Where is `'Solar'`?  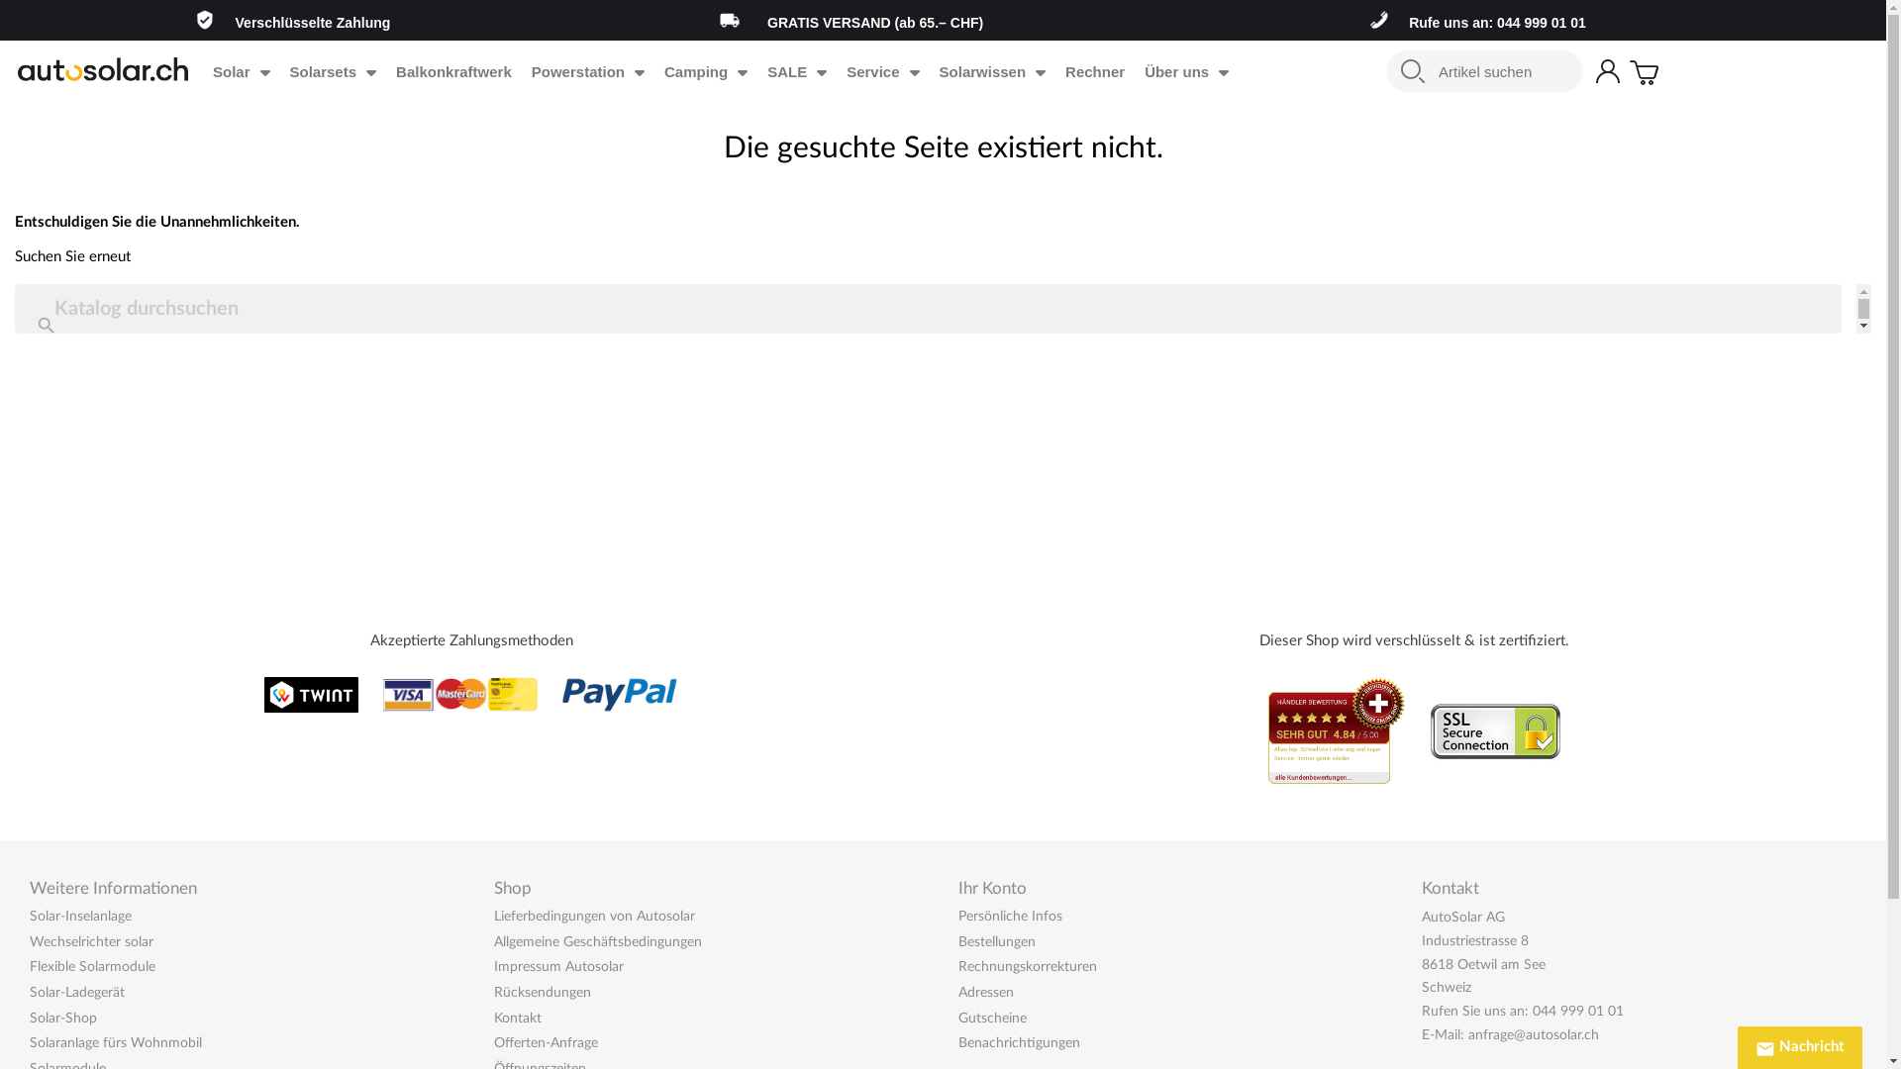
'Solar' is located at coordinates (241, 71).